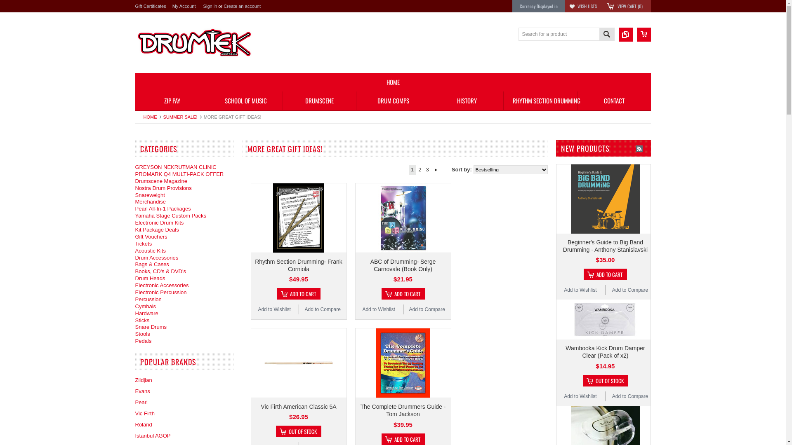  Describe the element at coordinates (260, 406) in the screenshot. I see `'Vic Firth American Classic 5A'` at that location.